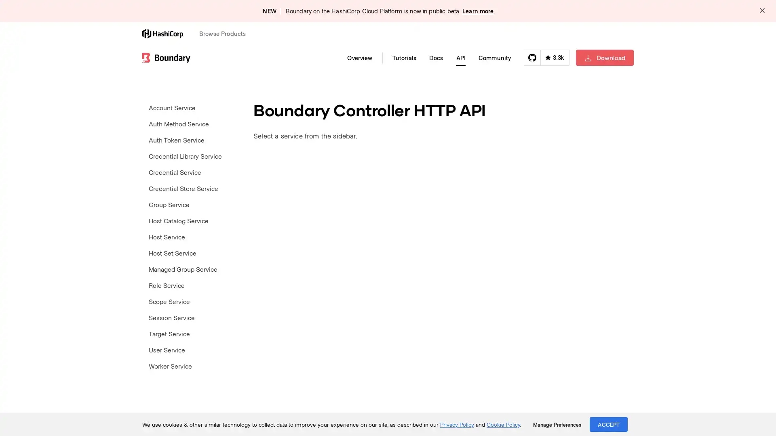 The height and width of the screenshot is (436, 776). Describe the element at coordinates (609, 424) in the screenshot. I see `ACCEPT` at that location.